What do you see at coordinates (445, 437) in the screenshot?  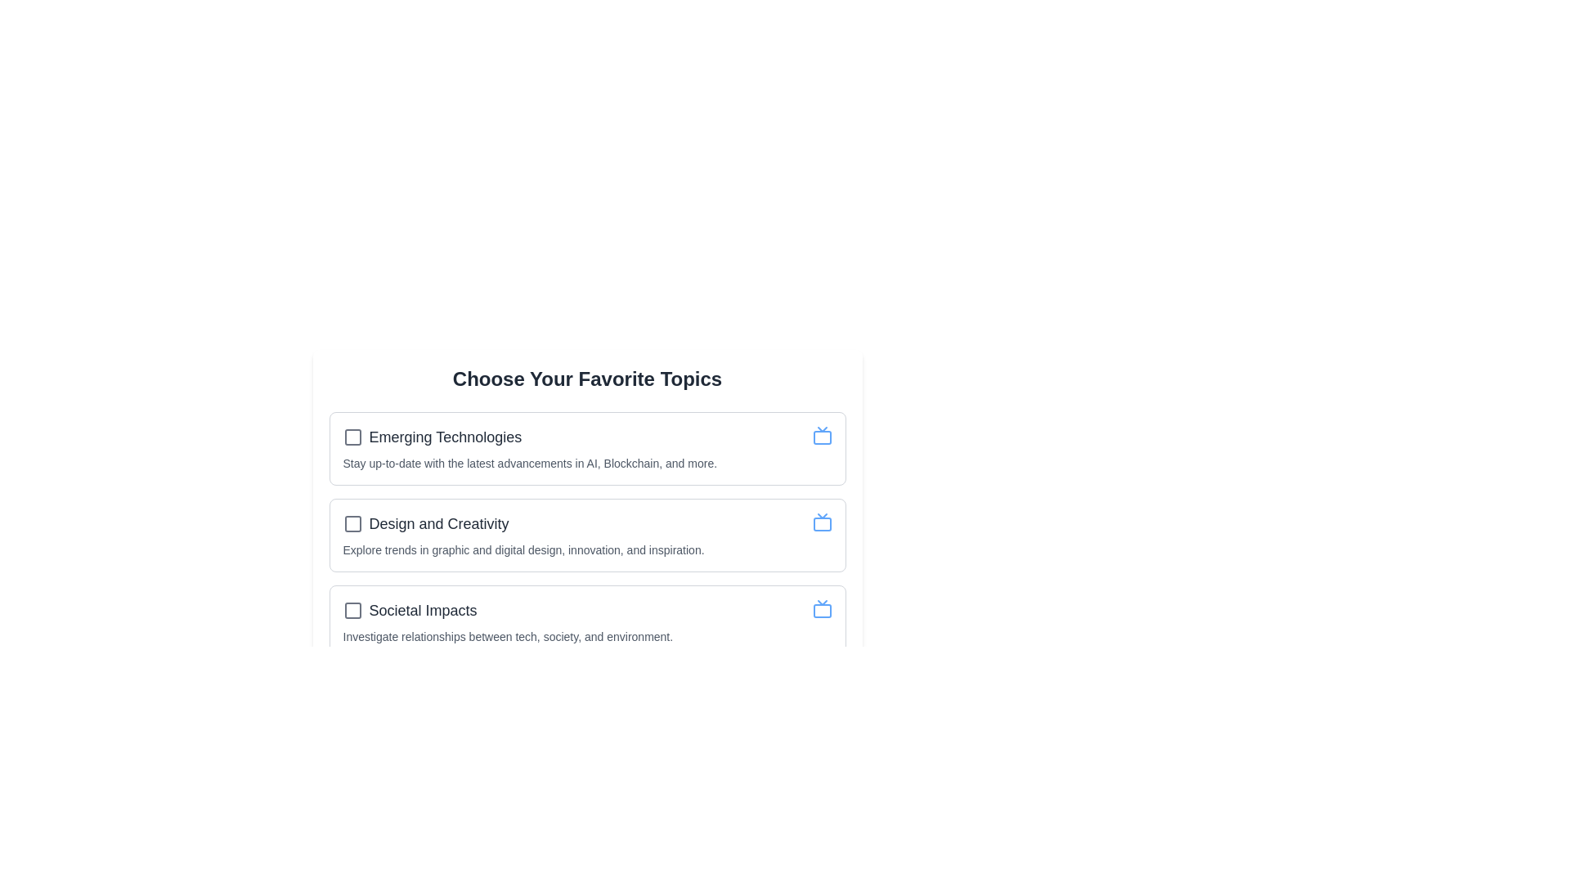 I see `the text label 'Emerging Technologies'` at bounding box center [445, 437].